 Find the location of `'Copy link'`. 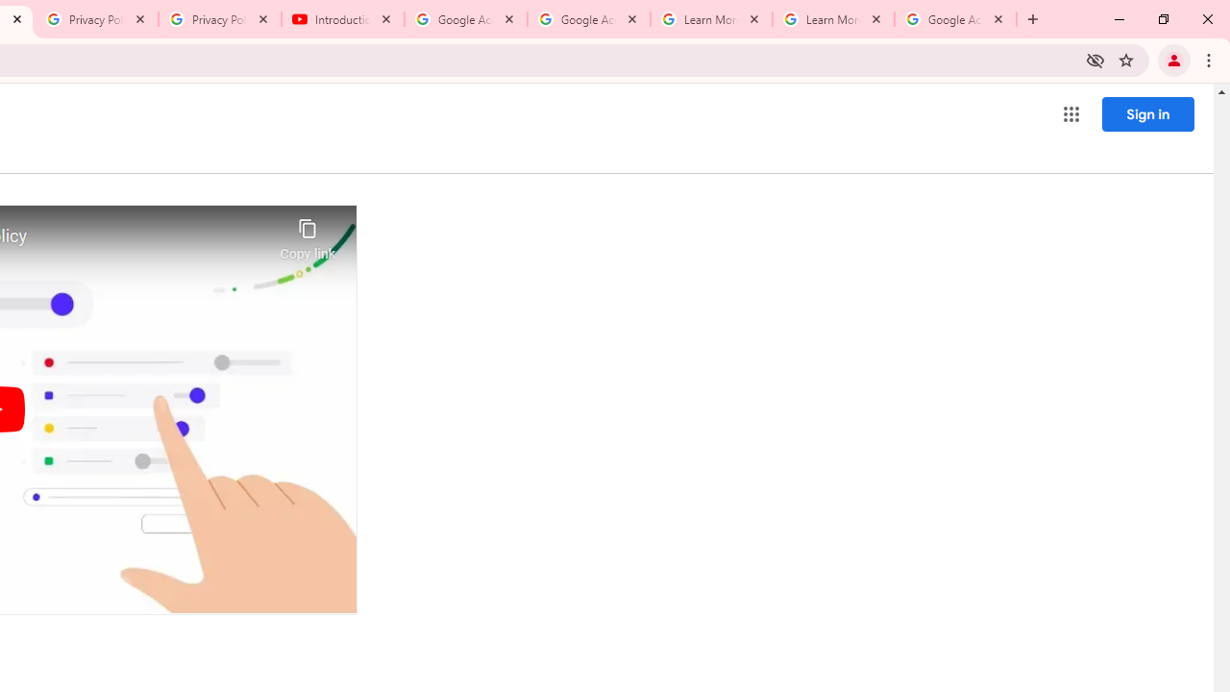

'Copy link' is located at coordinates (307, 234).